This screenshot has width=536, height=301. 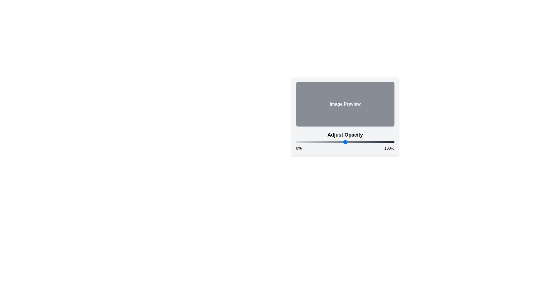 I want to click on the opacity, so click(x=349, y=142).